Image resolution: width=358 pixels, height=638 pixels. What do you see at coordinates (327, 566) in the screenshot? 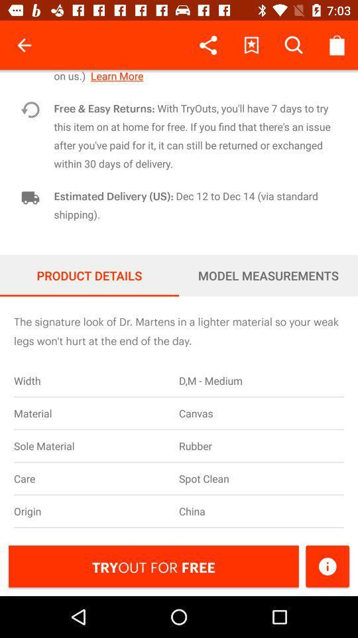
I see `the icon below china item` at bounding box center [327, 566].